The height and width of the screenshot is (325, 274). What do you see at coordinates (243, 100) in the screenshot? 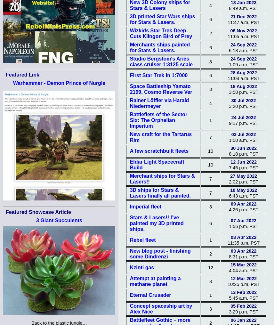
I see `'30 Jul 2022'` at bounding box center [243, 100].